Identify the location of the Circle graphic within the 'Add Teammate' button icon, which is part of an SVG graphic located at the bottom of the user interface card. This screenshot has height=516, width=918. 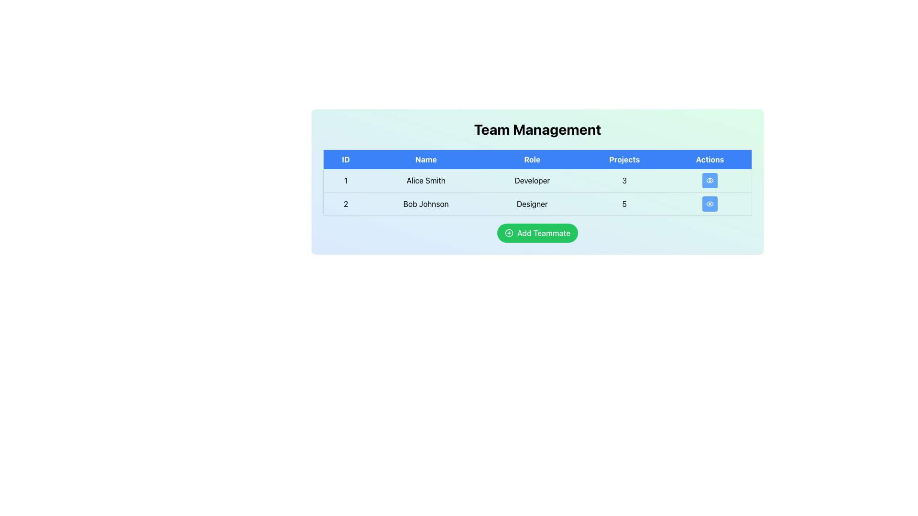
(508, 233).